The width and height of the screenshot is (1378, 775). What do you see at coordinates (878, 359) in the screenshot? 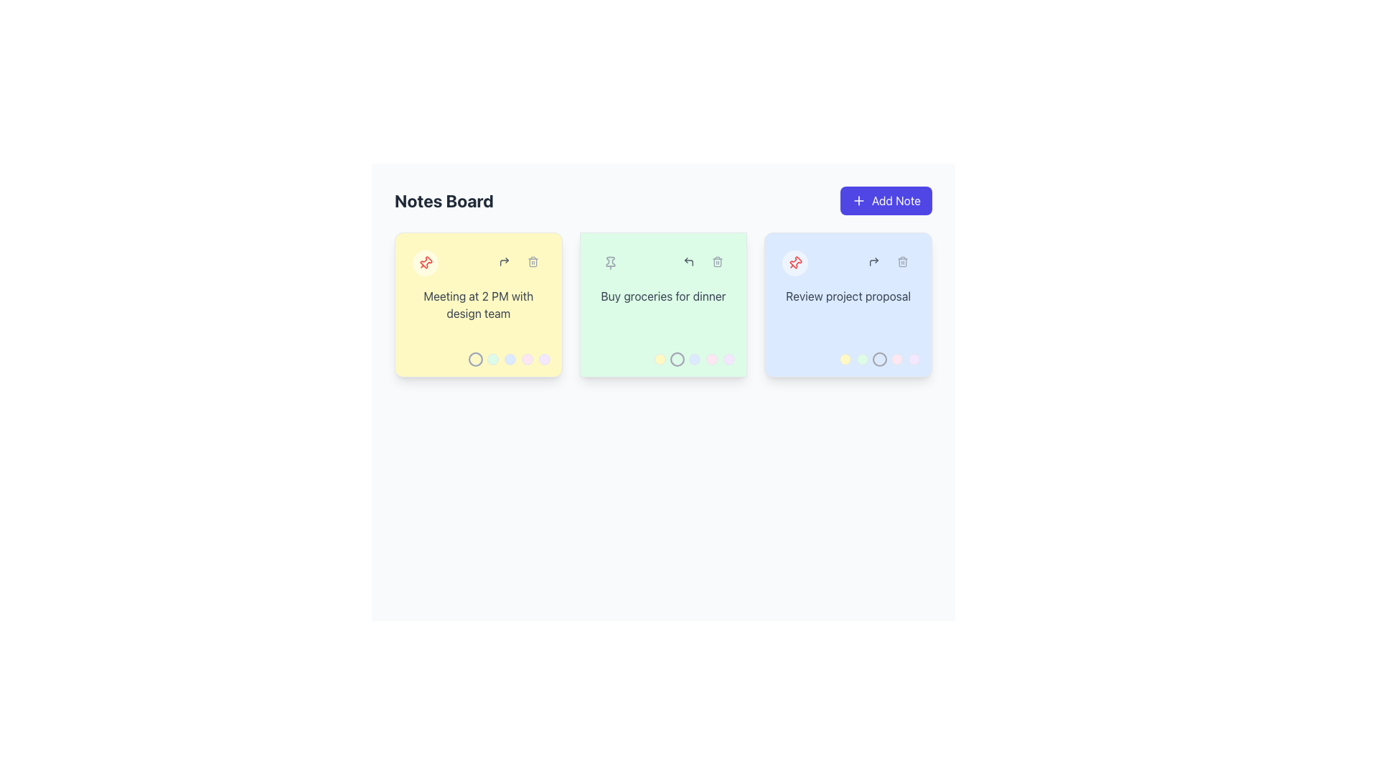
I see `the circular button with a blue background and gray border, which is the third button in a row of five at the bottom right corner of the 'Review project proposal' card` at bounding box center [878, 359].